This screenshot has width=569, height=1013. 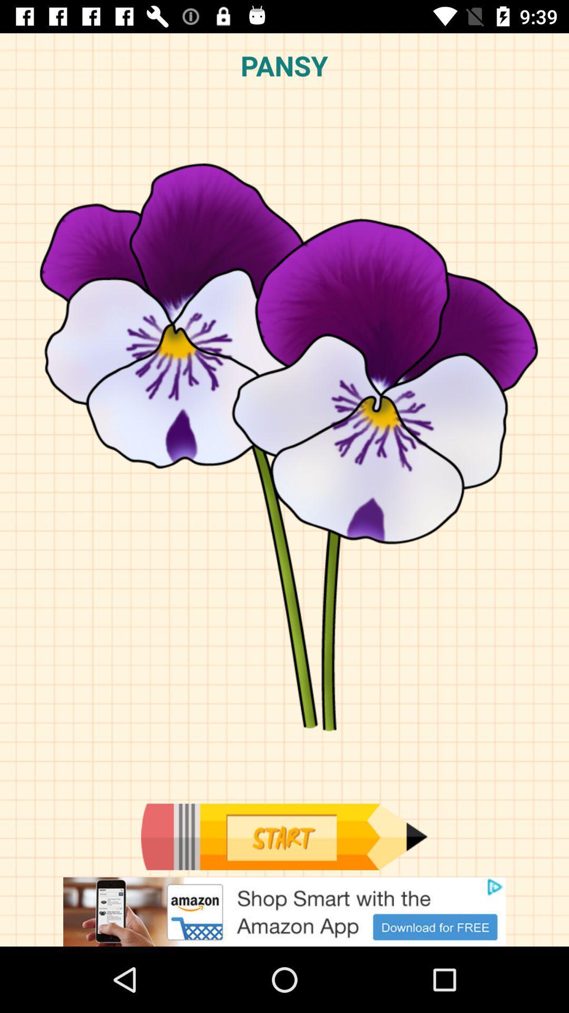 I want to click on start the event, so click(x=283, y=836).